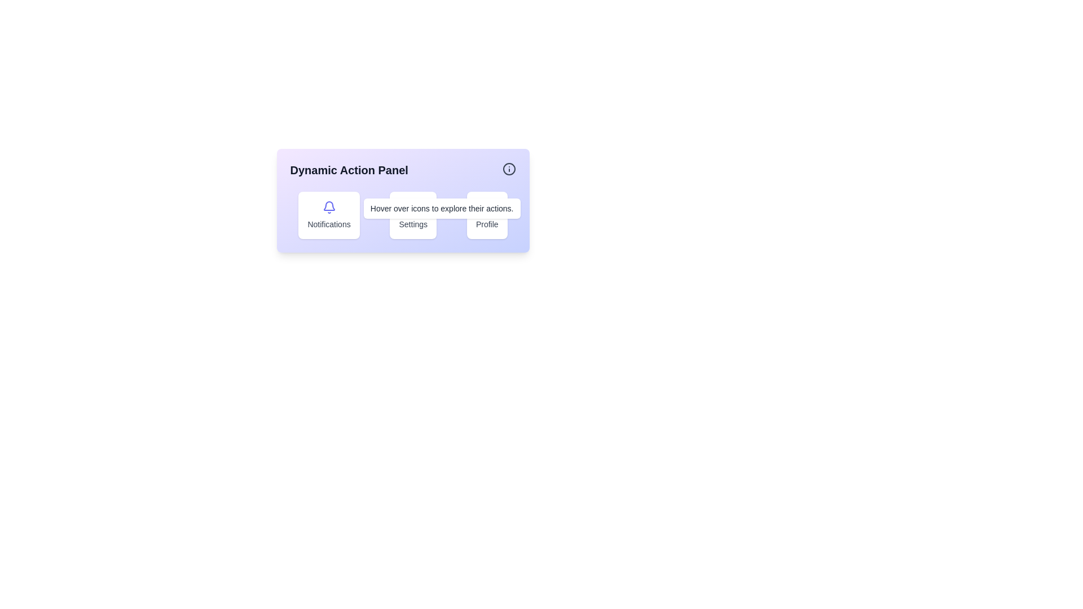  Describe the element at coordinates (508, 169) in the screenshot. I see `the information icon located at the top-right corner of the 'Dynamic Action Panel', which provides additional details when interacted with` at that location.